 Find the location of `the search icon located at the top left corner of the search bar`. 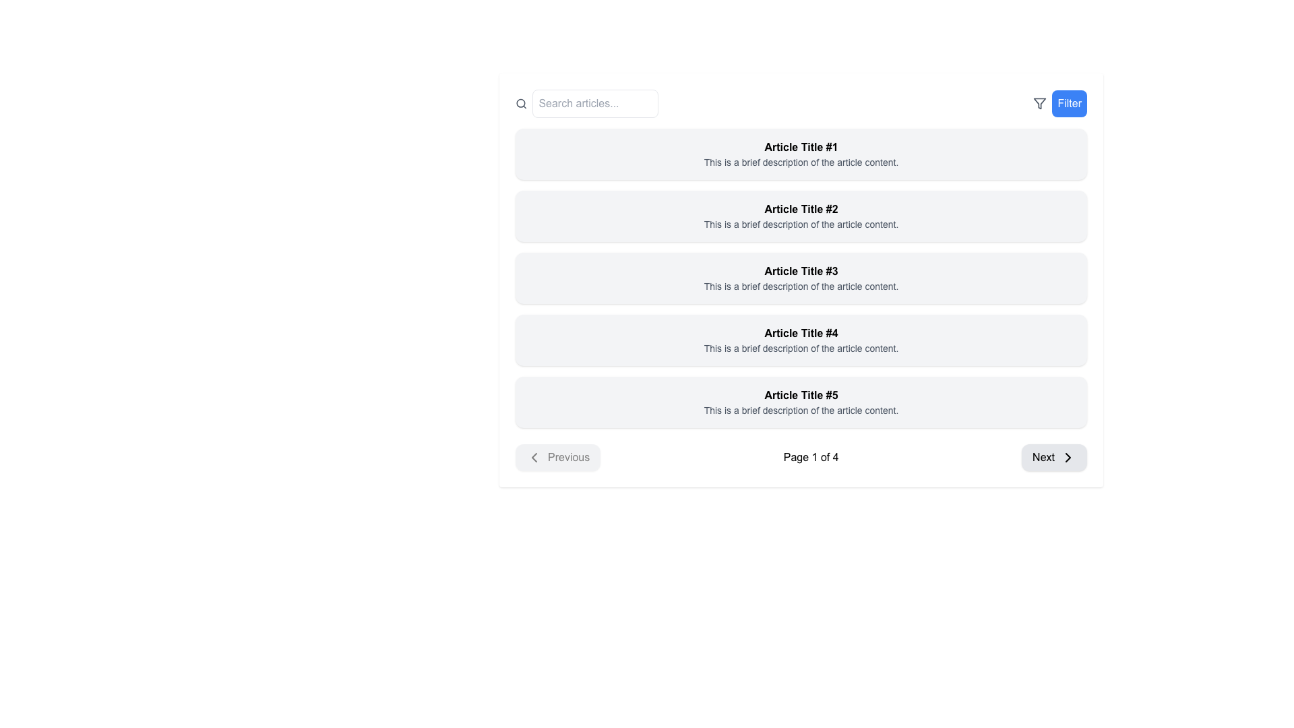

the search icon located at the top left corner of the search bar is located at coordinates (520, 103).